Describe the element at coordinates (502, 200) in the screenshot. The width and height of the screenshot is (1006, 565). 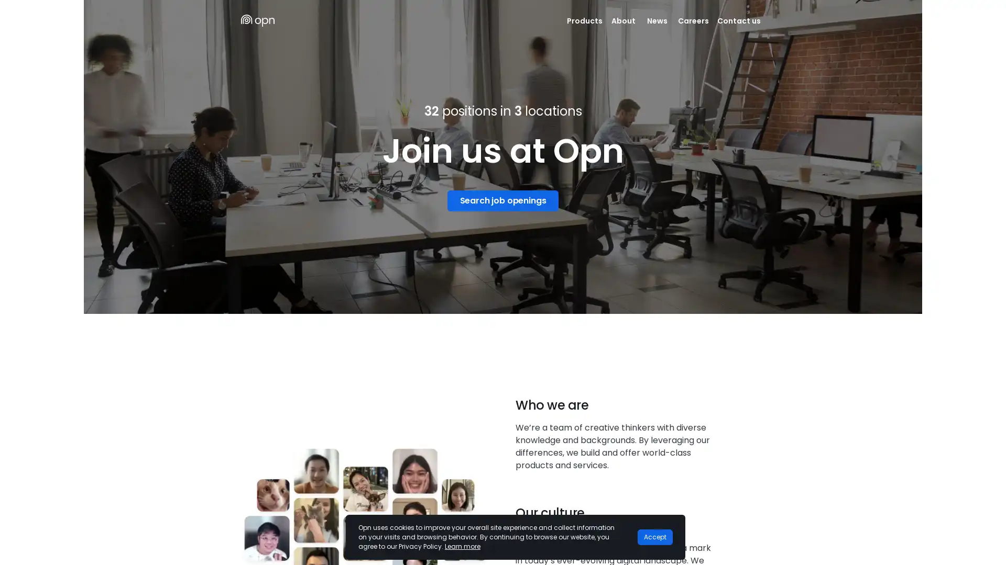
I see `Search job openings` at that location.